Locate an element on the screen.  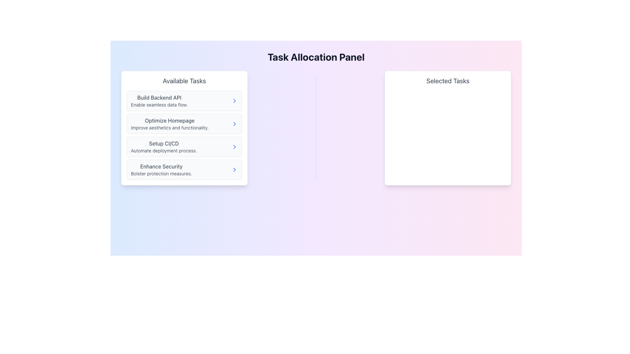
the header text display titled 'Selected Tasks', which indicates the content pertains to selected tasks and is located on the right side under the 'Task Allocation Panel' is located at coordinates (448, 80).